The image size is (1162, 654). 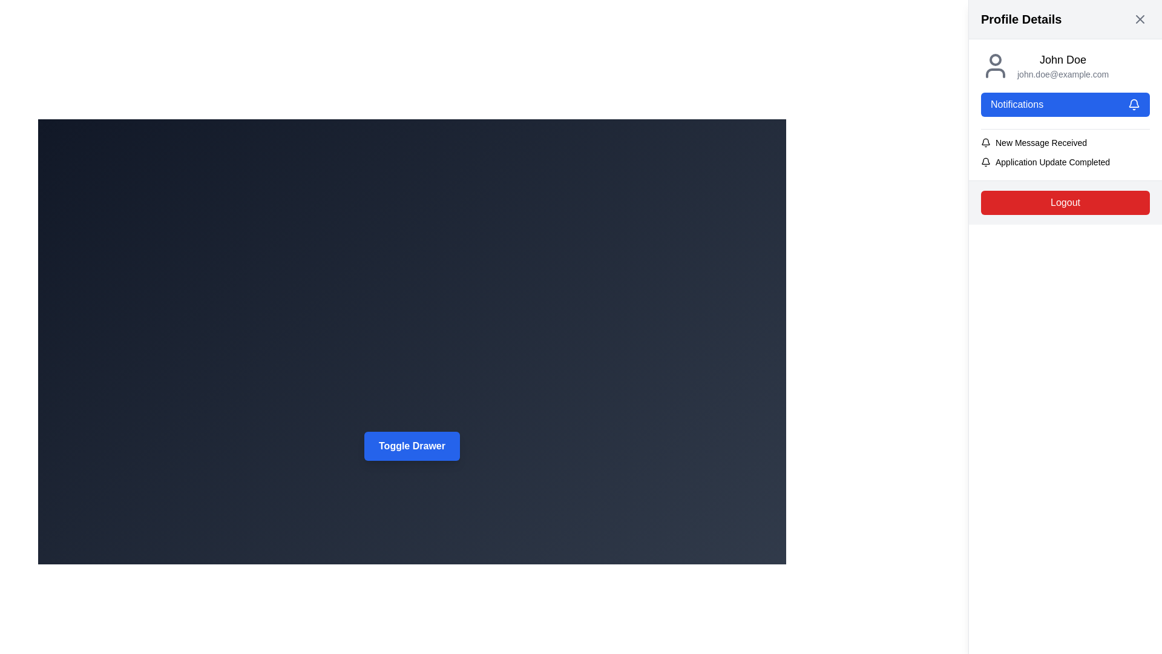 What do you see at coordinates (1065, 161) in the screenshot?
I see `text of the notification entry indicating the completion of an application update, which is the second element in the Notifications section` at bounding box center [1065, 161].